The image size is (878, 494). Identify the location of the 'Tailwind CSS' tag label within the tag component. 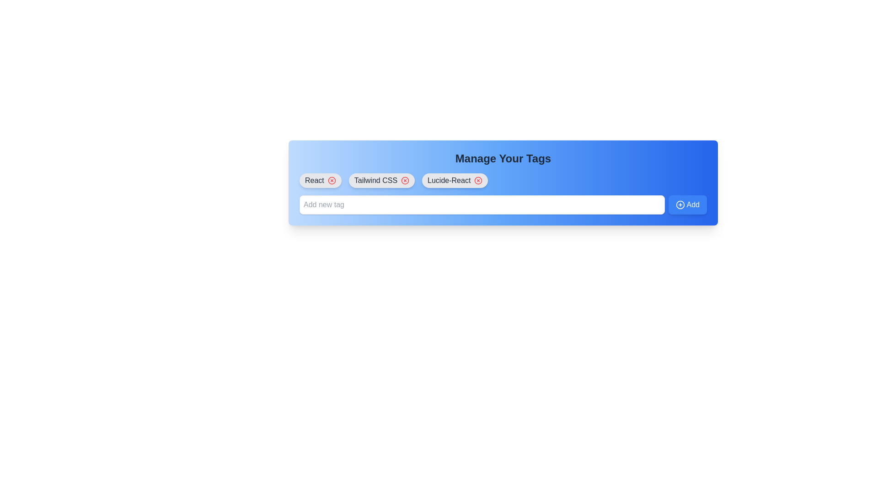
(375, 180).